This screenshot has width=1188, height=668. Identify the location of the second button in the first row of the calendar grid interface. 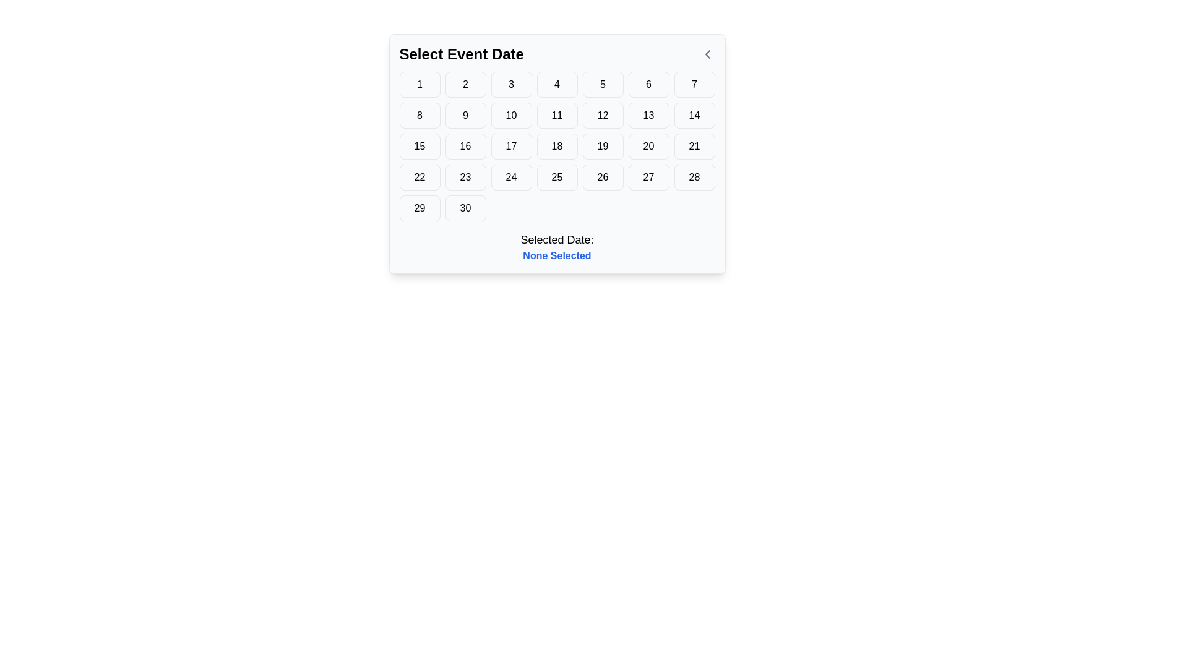
(465, 84).